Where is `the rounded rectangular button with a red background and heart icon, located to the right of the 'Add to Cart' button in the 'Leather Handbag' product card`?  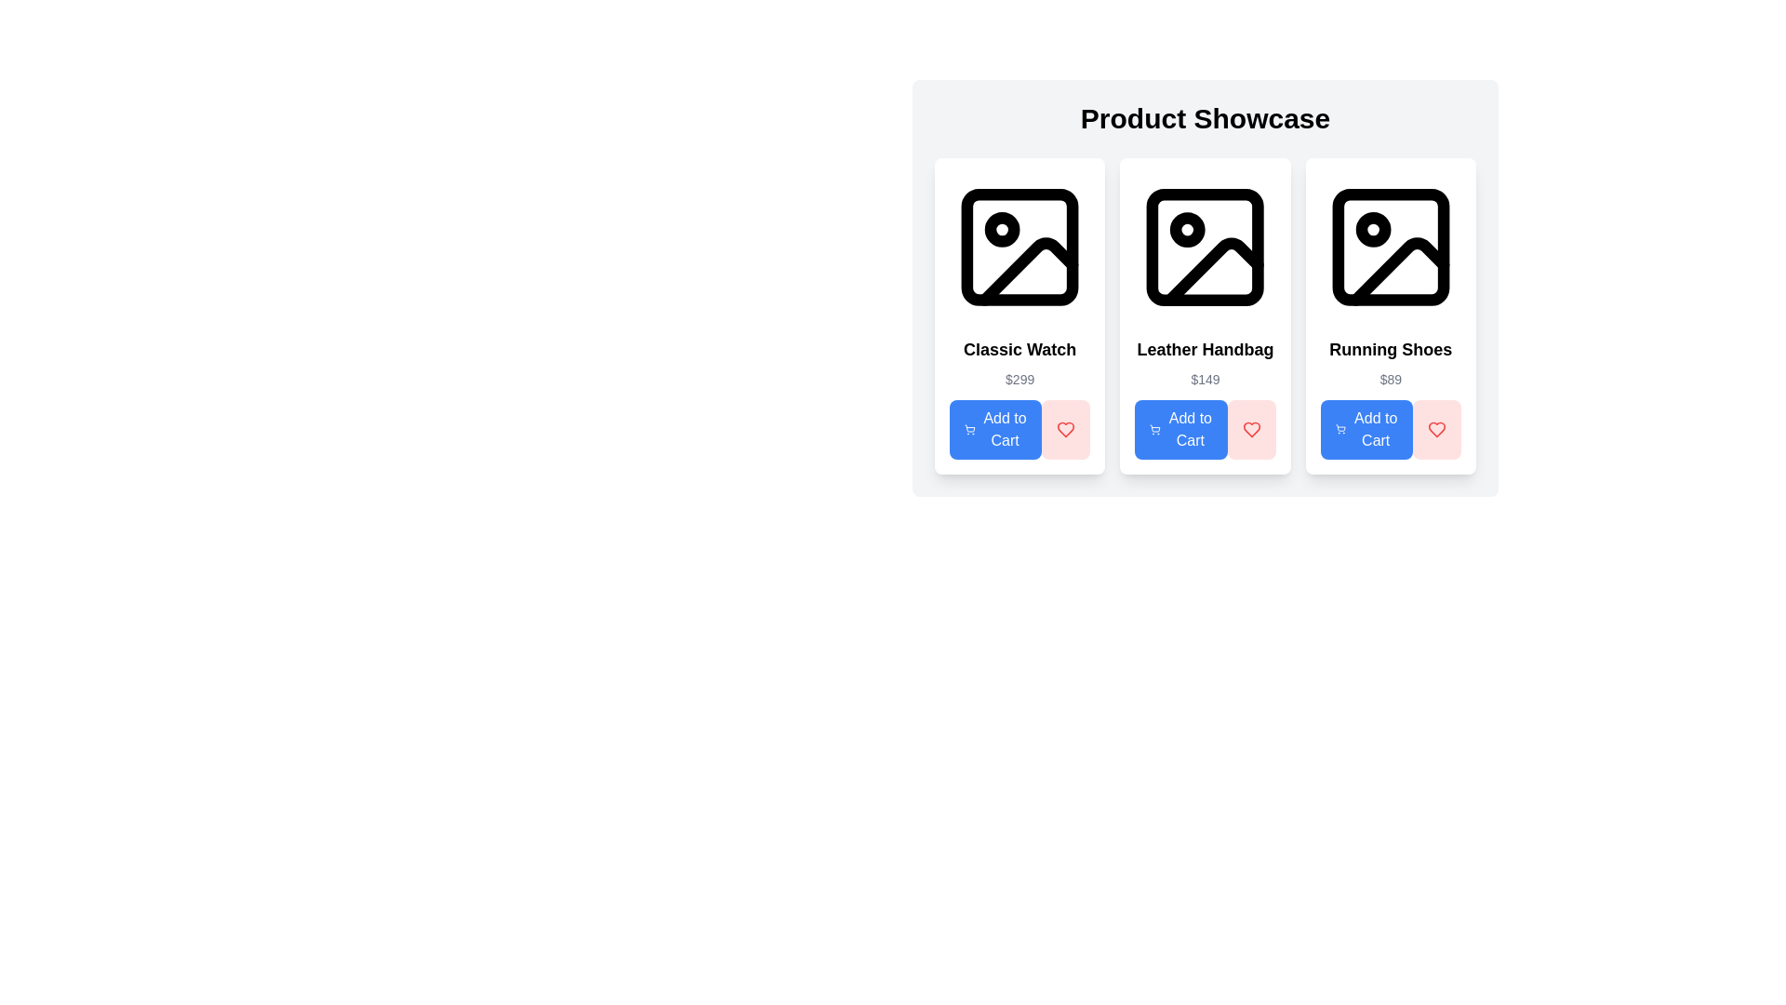 the rounded rectangular button with a red background and heart icon, located to the right of the 'Add to Cart' button in the 'Leather Handbag' product card is located at coordinates (1251, 430).